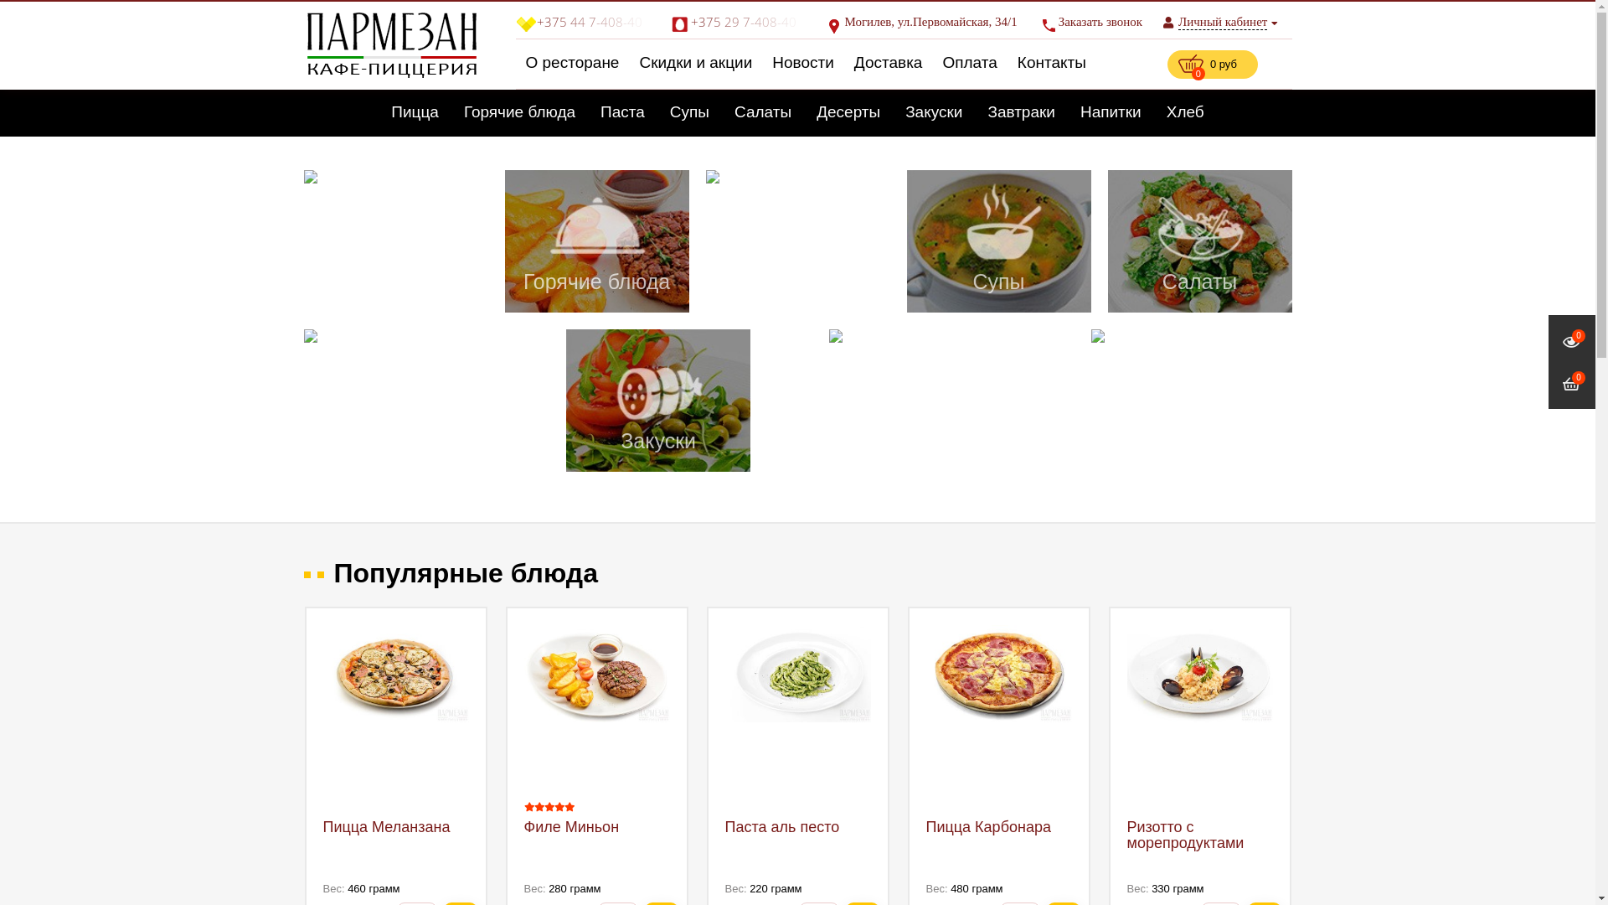  What do you see at coordinates (1570, 385) in the screenshot?
I see `'0'` at bounding box center [1570, 385].